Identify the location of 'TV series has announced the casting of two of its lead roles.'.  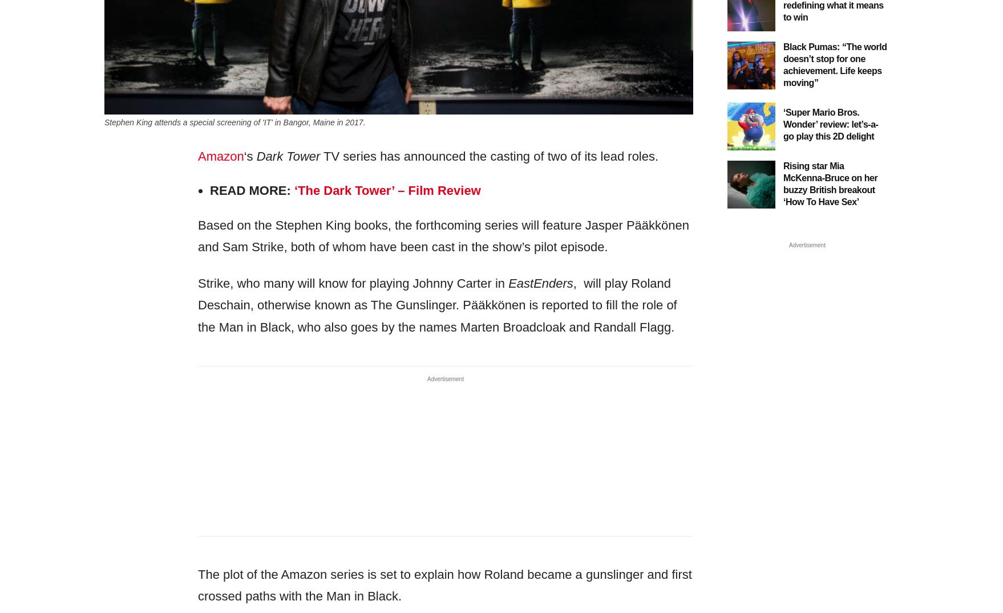
(319, 155).